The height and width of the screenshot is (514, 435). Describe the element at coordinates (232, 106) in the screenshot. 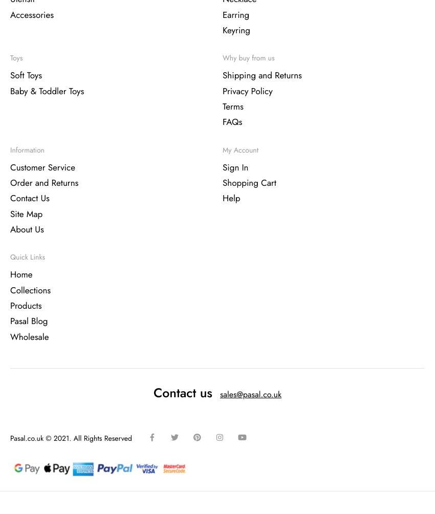

I see `'Terms'` at that location.